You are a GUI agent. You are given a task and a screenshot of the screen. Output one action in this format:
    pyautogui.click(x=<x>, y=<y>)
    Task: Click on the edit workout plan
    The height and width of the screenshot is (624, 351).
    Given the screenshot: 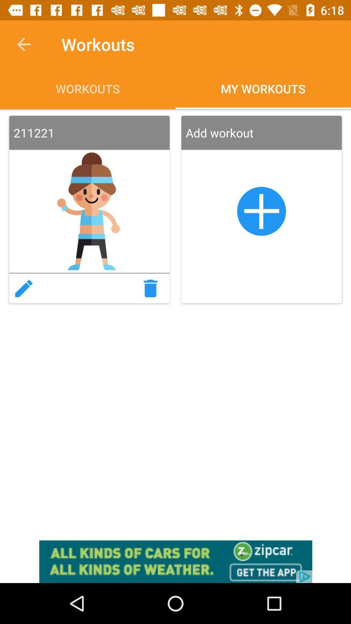 What is the action you would take?
    pyautogui.click(x=23, y=288)
    